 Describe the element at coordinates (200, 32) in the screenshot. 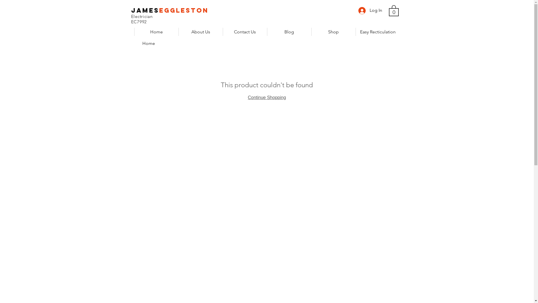

I see `'About Us'` at that location.